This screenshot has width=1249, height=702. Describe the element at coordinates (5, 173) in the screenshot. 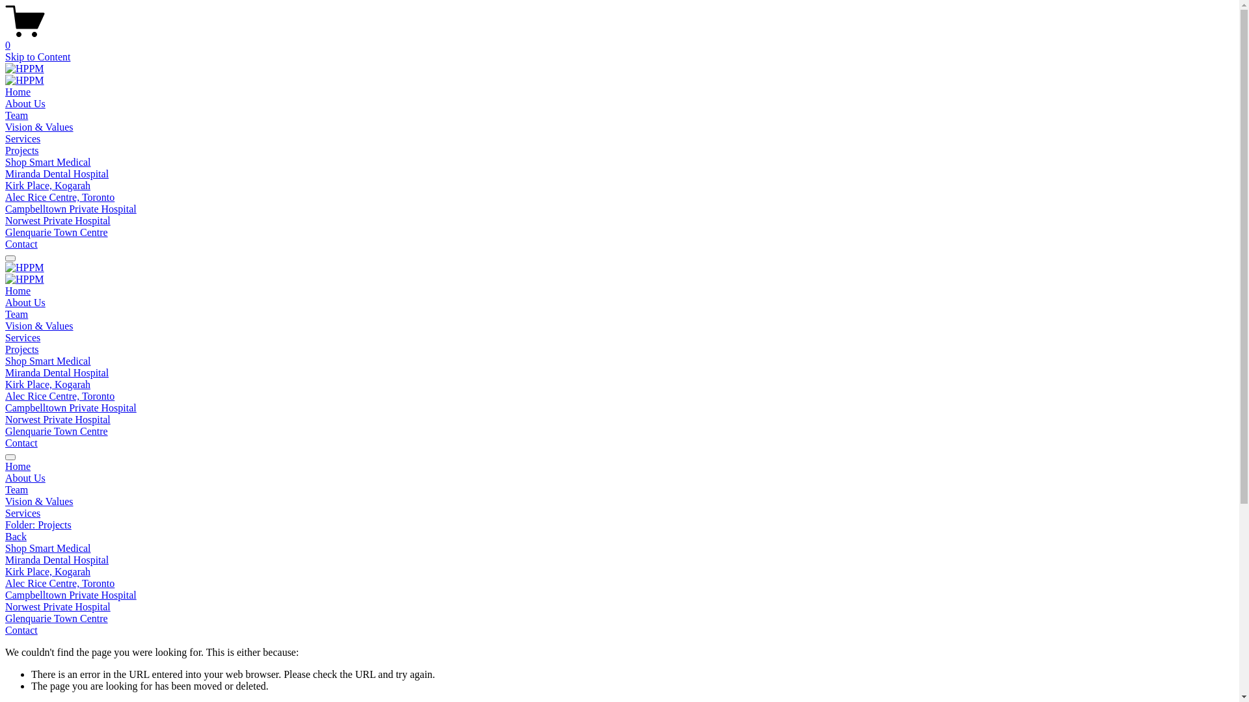

I see `'Miranda Dental Hospital'` at that location.